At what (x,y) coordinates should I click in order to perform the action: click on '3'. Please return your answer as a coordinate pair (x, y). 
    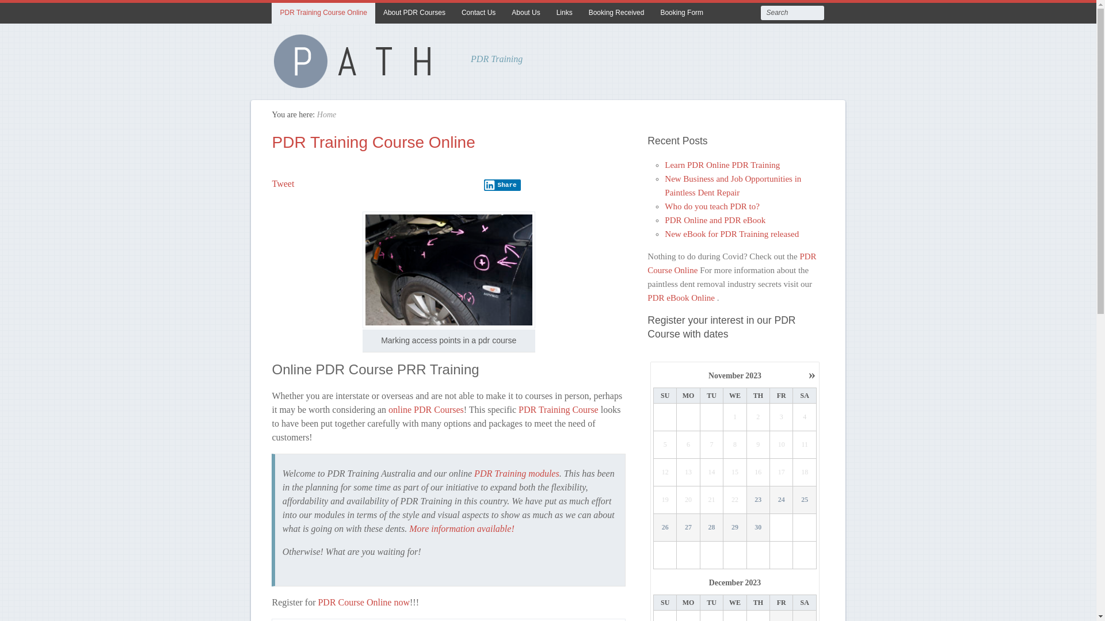
    Looking at the image, I should click on (782, 417).